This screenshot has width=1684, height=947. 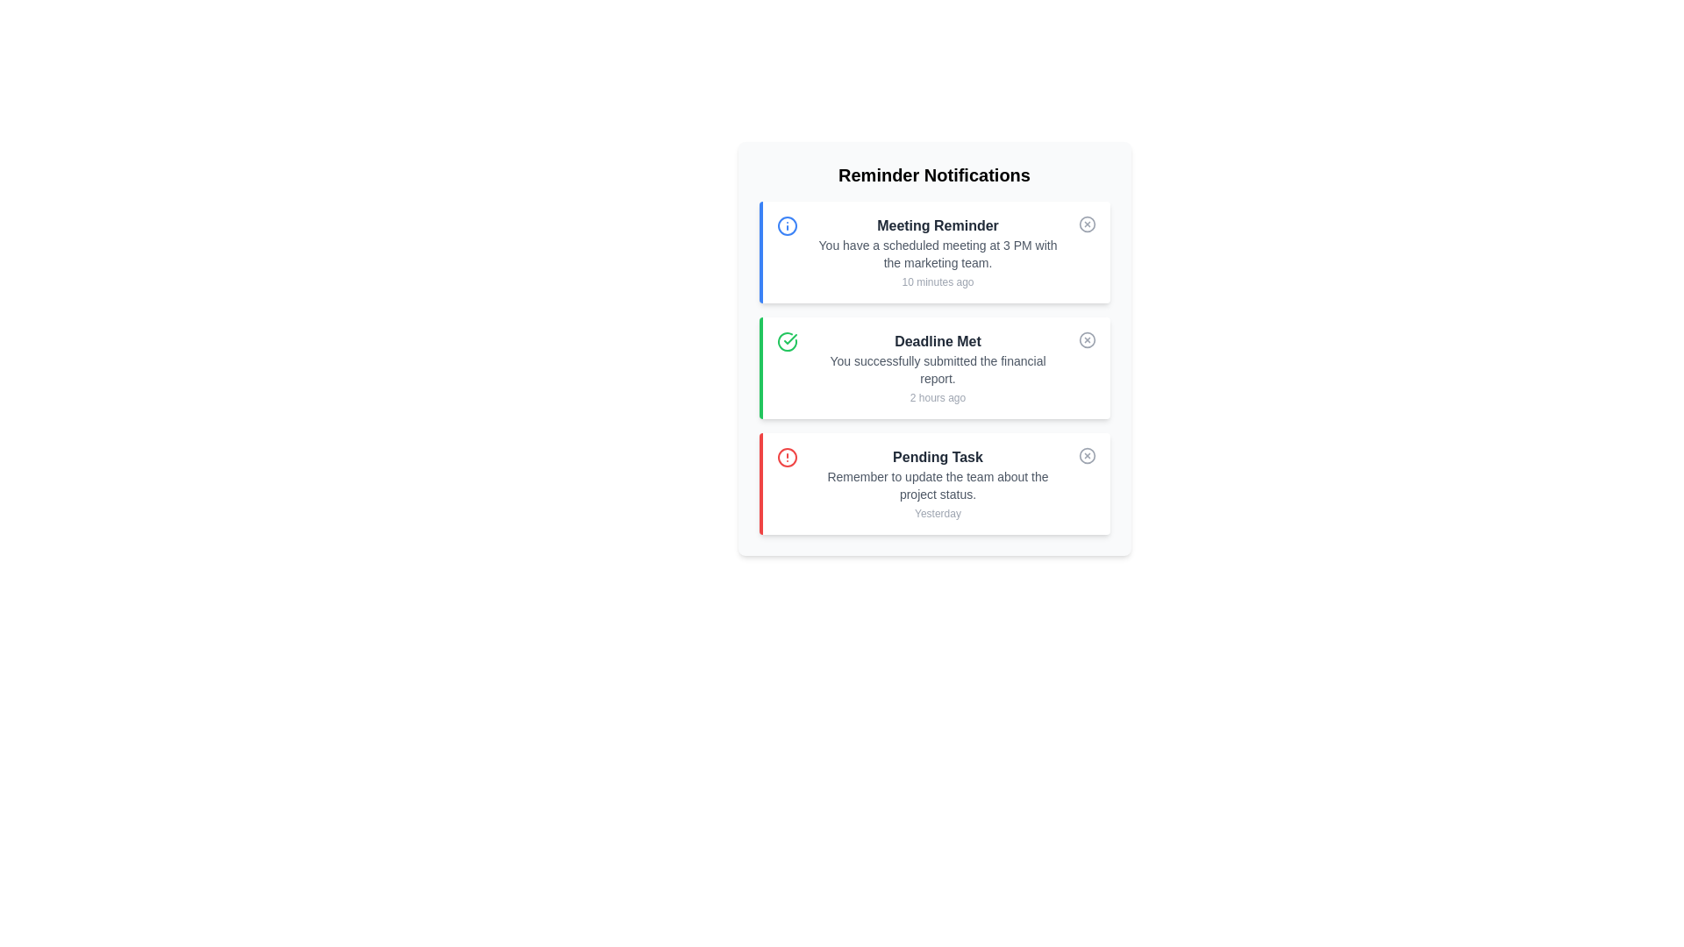 What do you see at coordinates (937, 253) in the screenshot?
I see `the meeting reminder text block located in the first card of the reminders list to potentially reveal additional actions` at bounding box center [937, 253].